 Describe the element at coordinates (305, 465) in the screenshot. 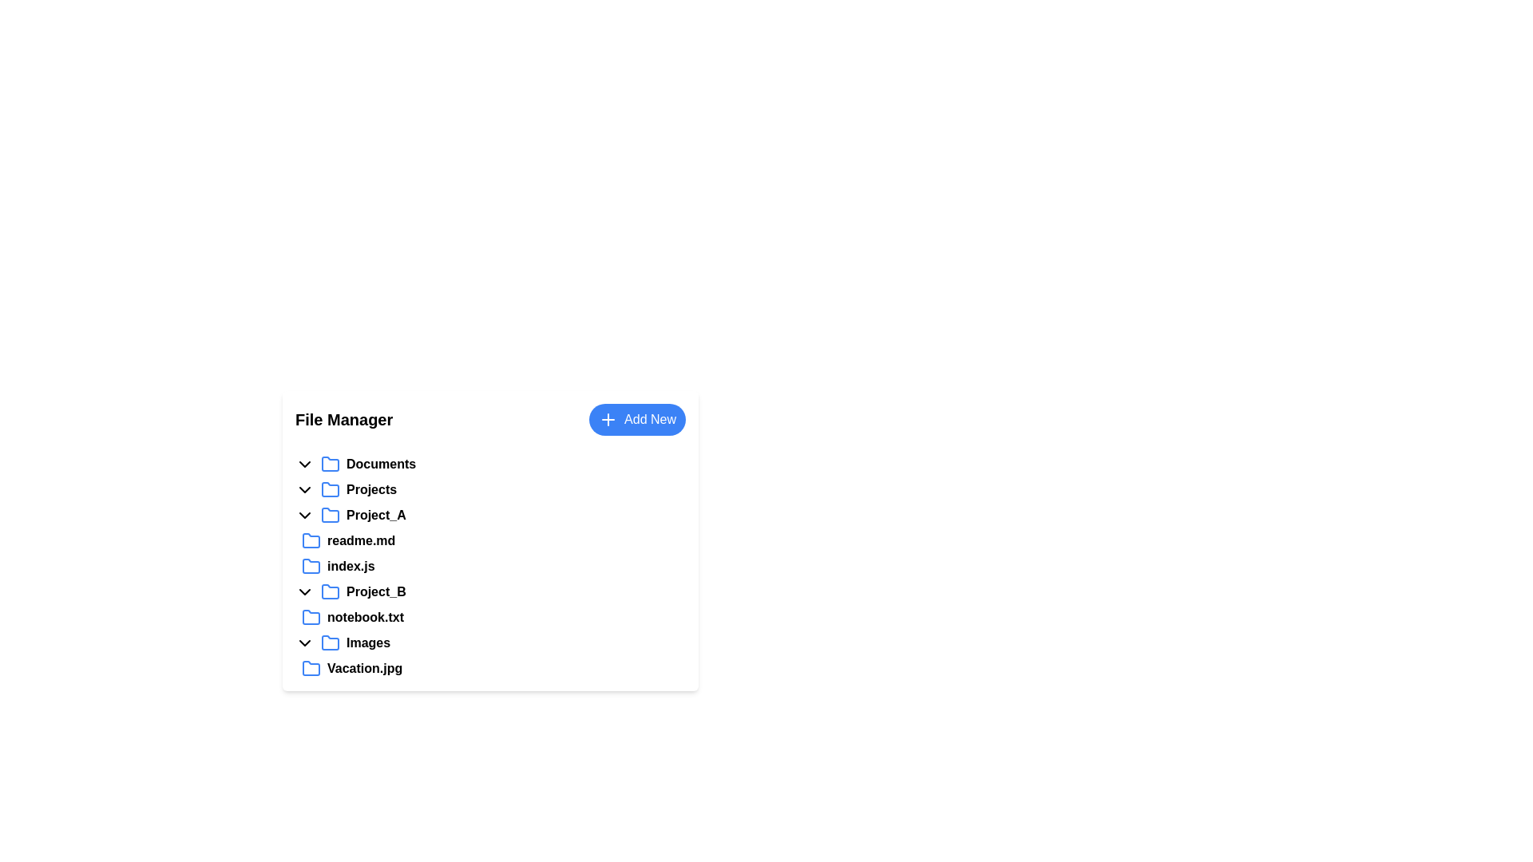

I see `the toggle icon` at that location.